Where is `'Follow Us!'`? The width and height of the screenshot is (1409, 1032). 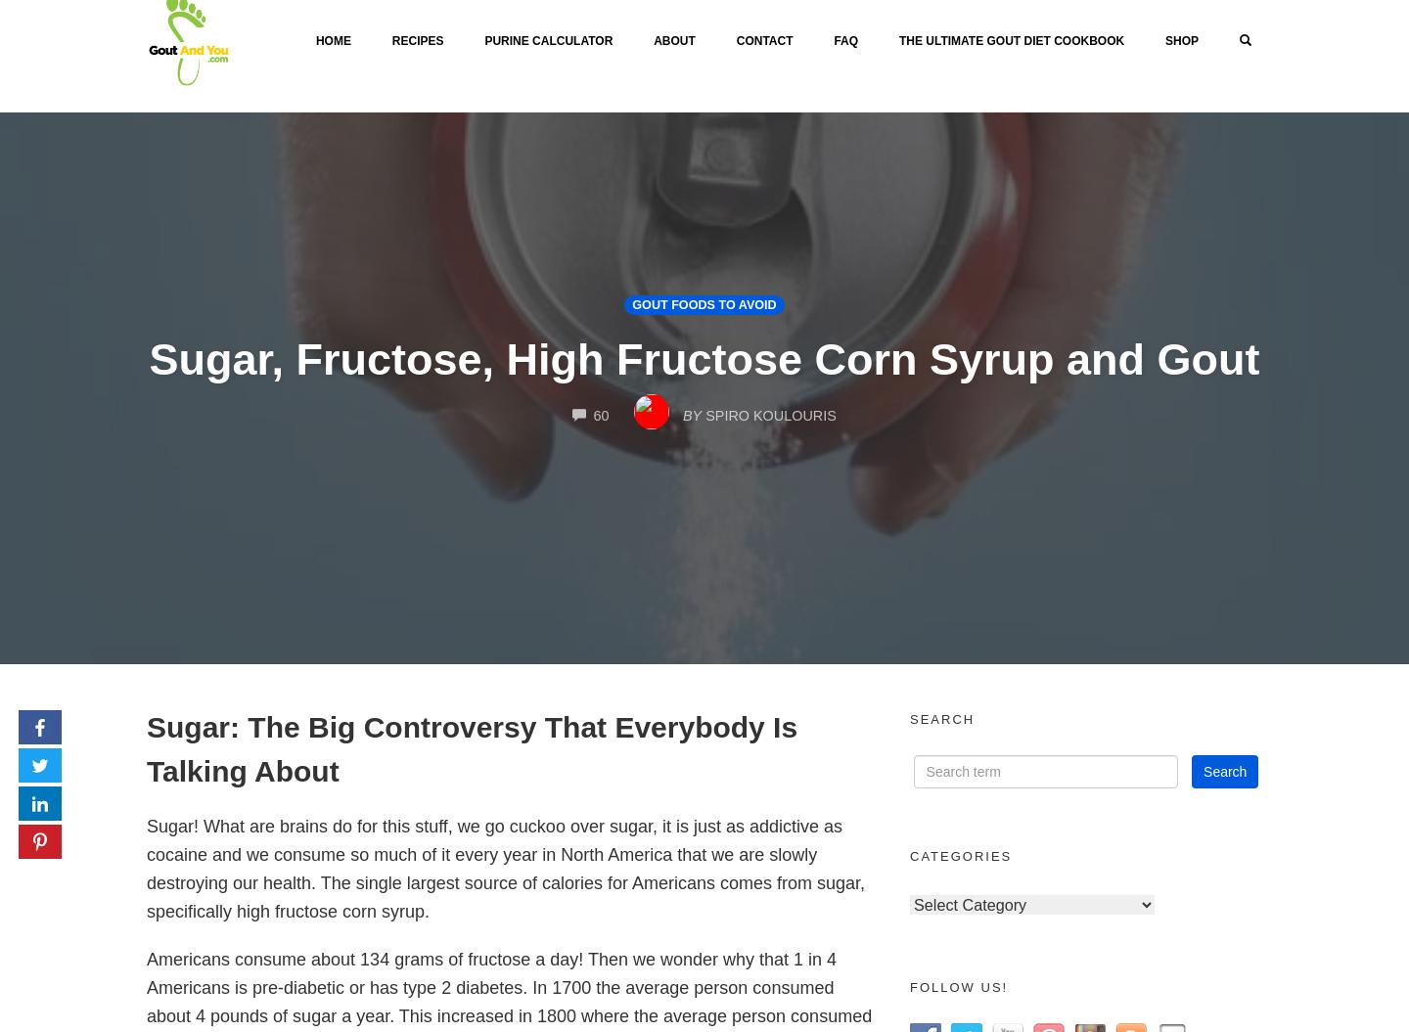
'Follow Us!' is located at coordinates (958, 985).